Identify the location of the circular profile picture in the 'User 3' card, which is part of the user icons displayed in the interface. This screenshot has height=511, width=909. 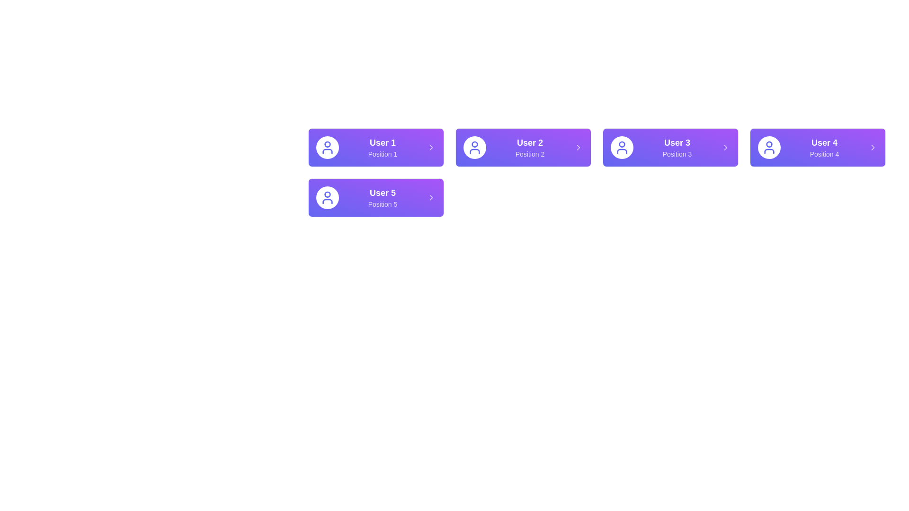
(622, 144).